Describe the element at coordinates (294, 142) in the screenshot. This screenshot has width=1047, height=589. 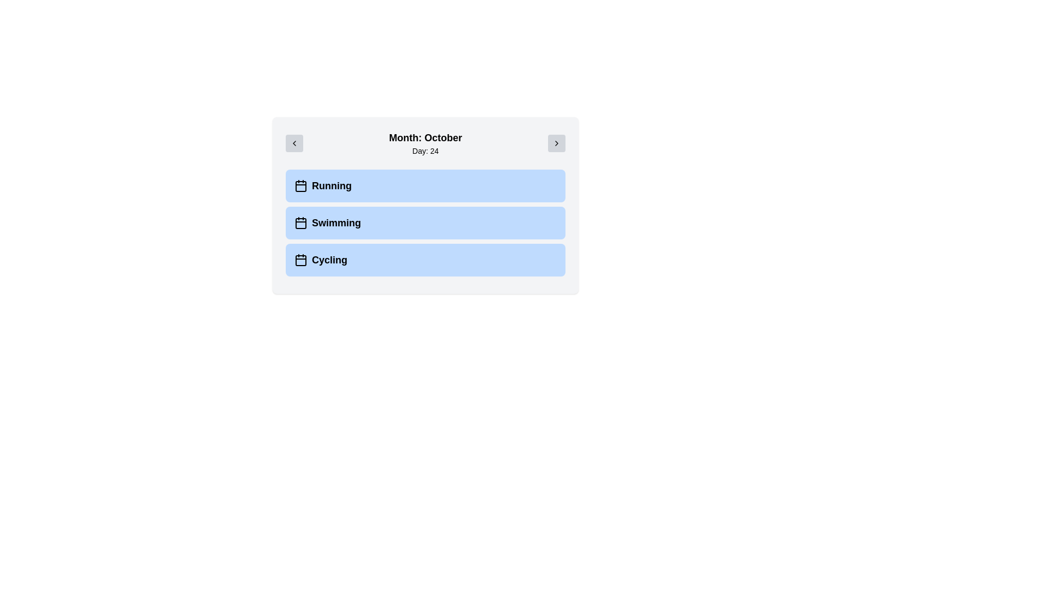
I see `the gray rounded button containing the left-pointing chevron arrow icon, which is located to the left of the 'Month: October' header` at that location.